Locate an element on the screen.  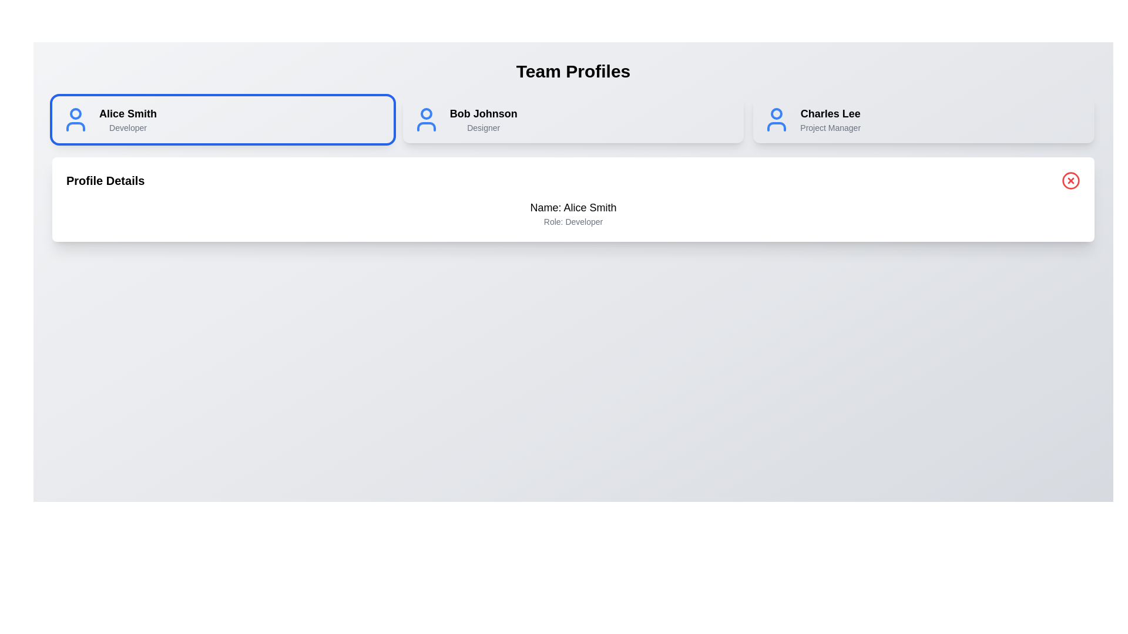
the profile picture icon representing 'Bob Johnson' is located at coordinates (425, 120).